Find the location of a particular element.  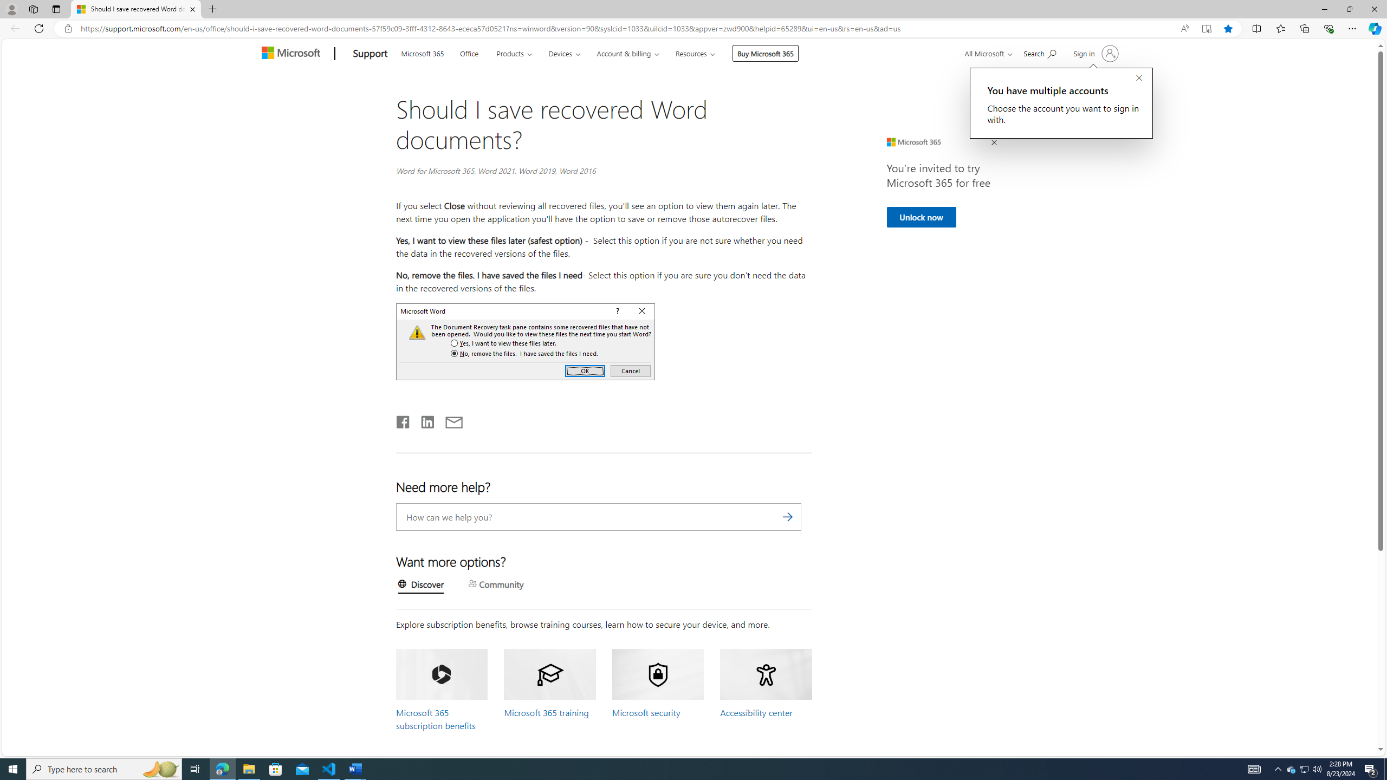

'Should I save recovered Word documents? - Microsoft Support' is located at coordinates (135, 9).